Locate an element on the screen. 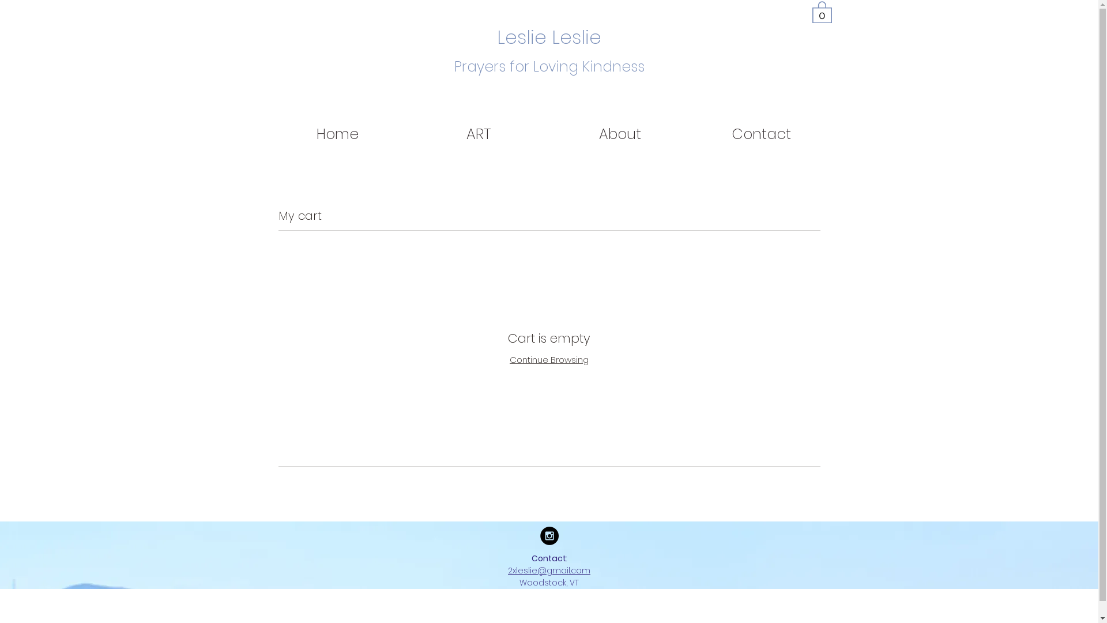 The height and width of the screenshot is (623, 1107). '2xleslie@gmail.com' is located at coordinates (548, 569).